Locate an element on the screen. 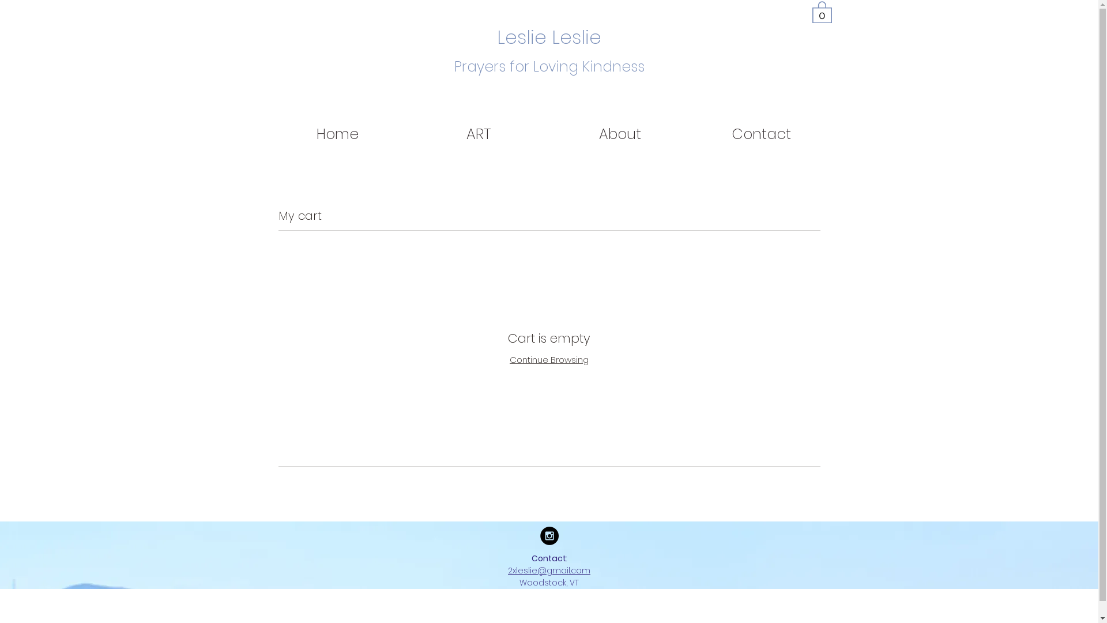 The height and width of the screenshot is (623, 1107). '2xleslie@gmail.com' is located at coordinates (548, 569).